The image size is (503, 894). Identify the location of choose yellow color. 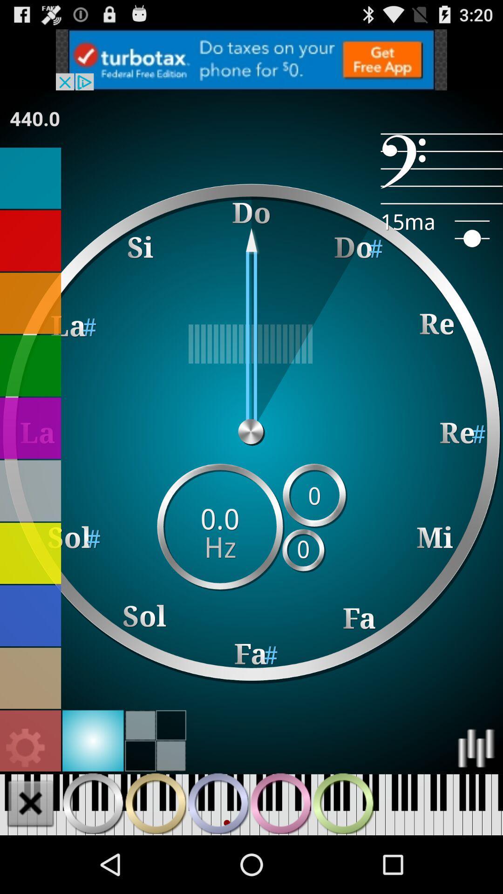
(30, 553).